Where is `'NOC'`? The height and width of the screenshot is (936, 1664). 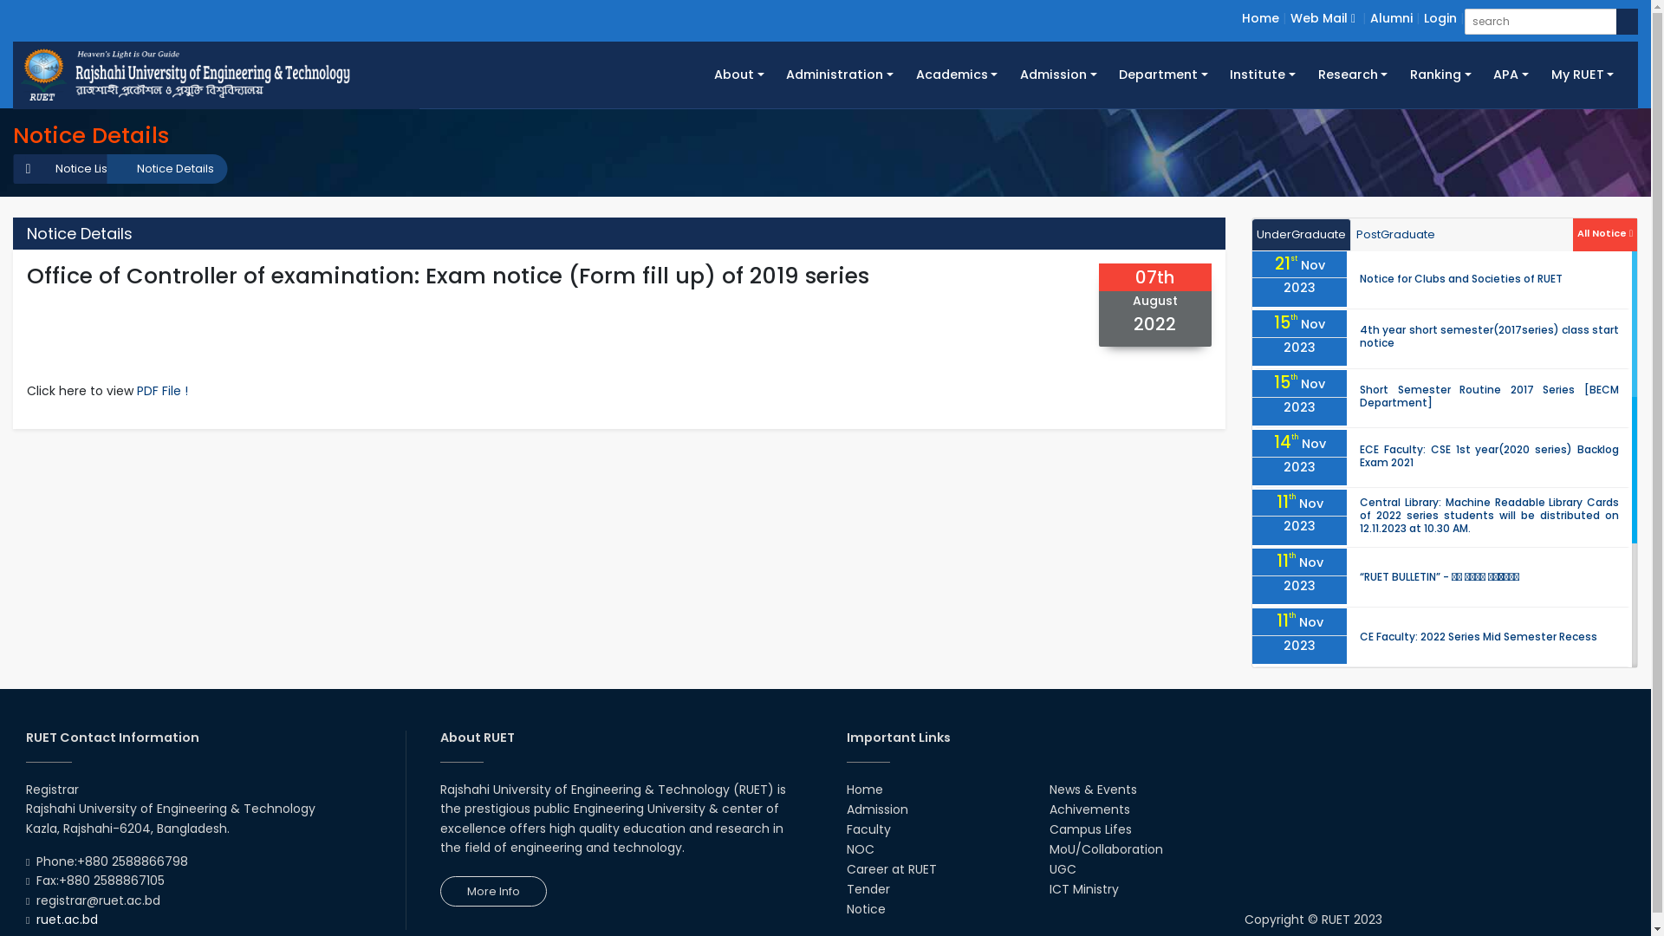 'NOC' is located at coordinates (860, 848).